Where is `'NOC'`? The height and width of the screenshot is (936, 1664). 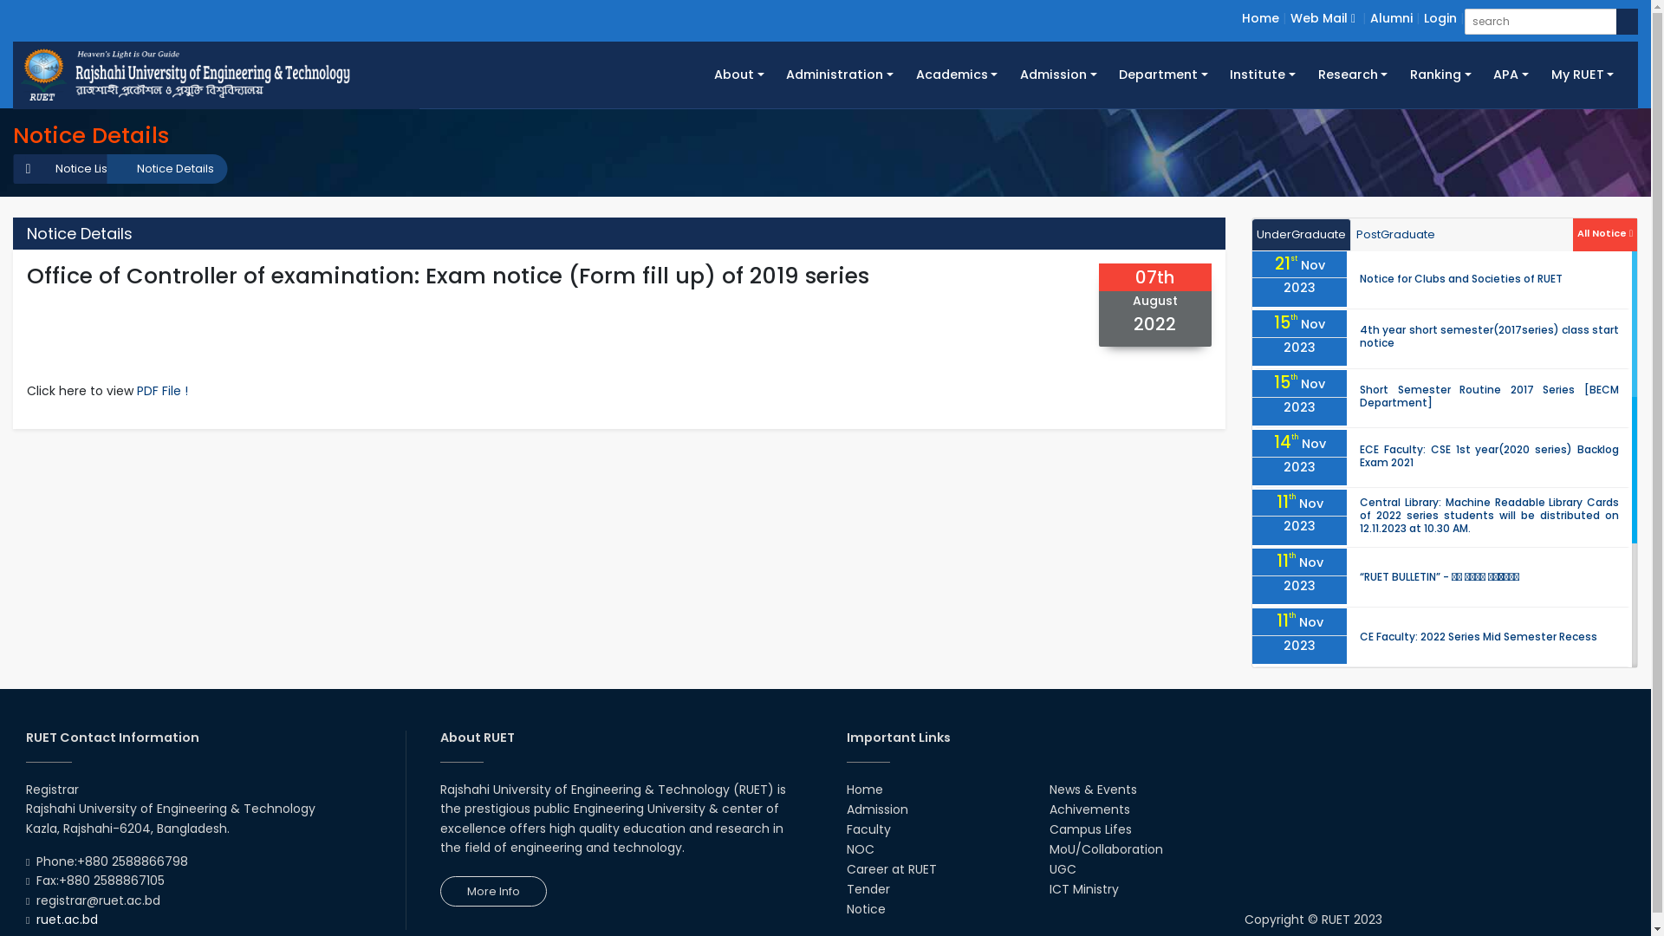 'NOC' is located at coordinates (860, 848).